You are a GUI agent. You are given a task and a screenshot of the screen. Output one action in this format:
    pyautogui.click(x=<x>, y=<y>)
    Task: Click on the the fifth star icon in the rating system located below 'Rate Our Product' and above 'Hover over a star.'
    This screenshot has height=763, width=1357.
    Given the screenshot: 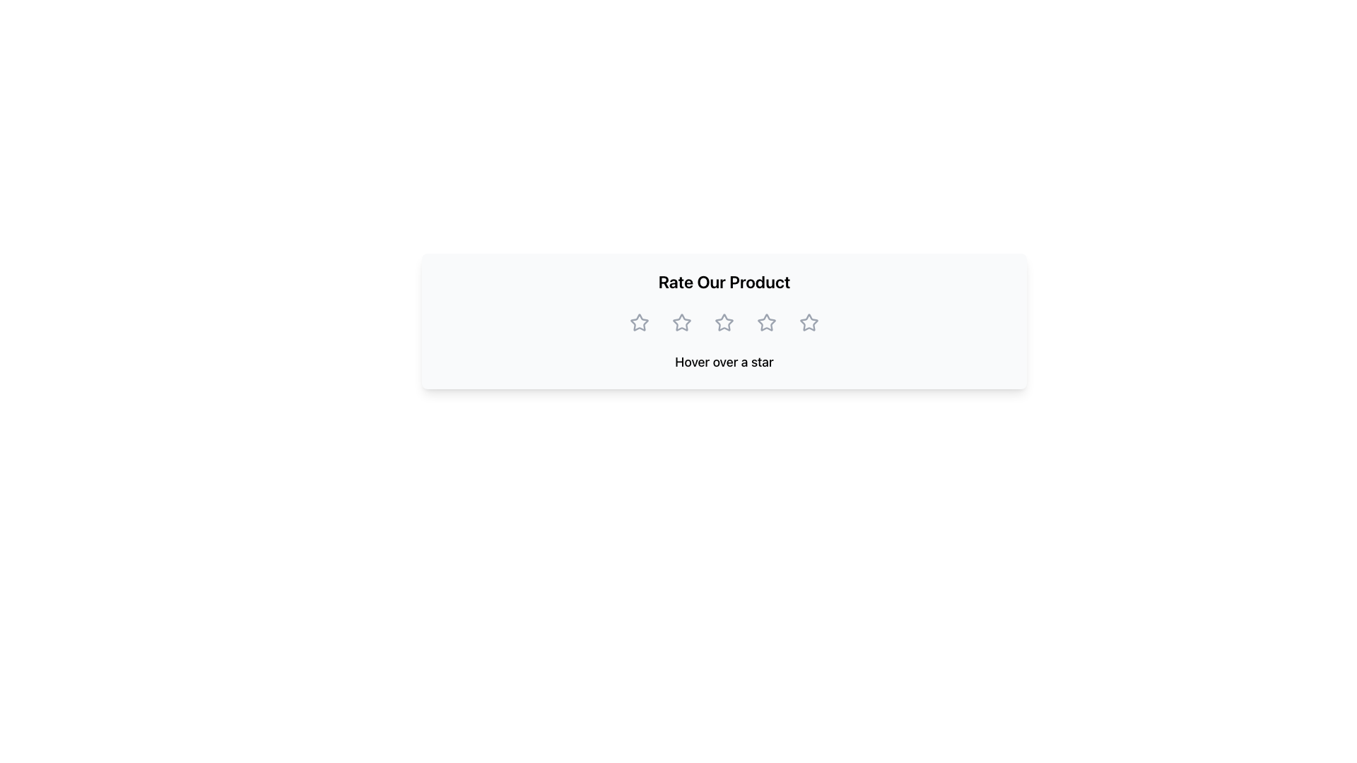 What is the action you would take?
    pyautogui.click(x=809, y=322)
    